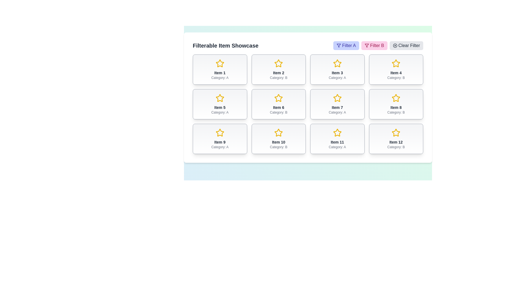 The image size is (528, 297). What do you see at coordinates (219, 104) in the screenshot?
I see `the Card component that represents an item in the showcase, positioned as the first element in the second row` at bounding box center [219, 104].